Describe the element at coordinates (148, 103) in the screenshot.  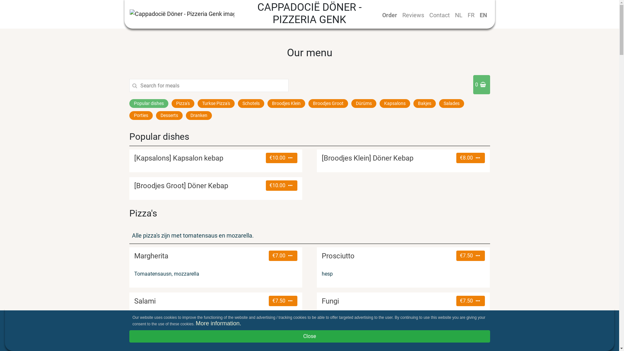
I see `'Popular dishes'` at that location.